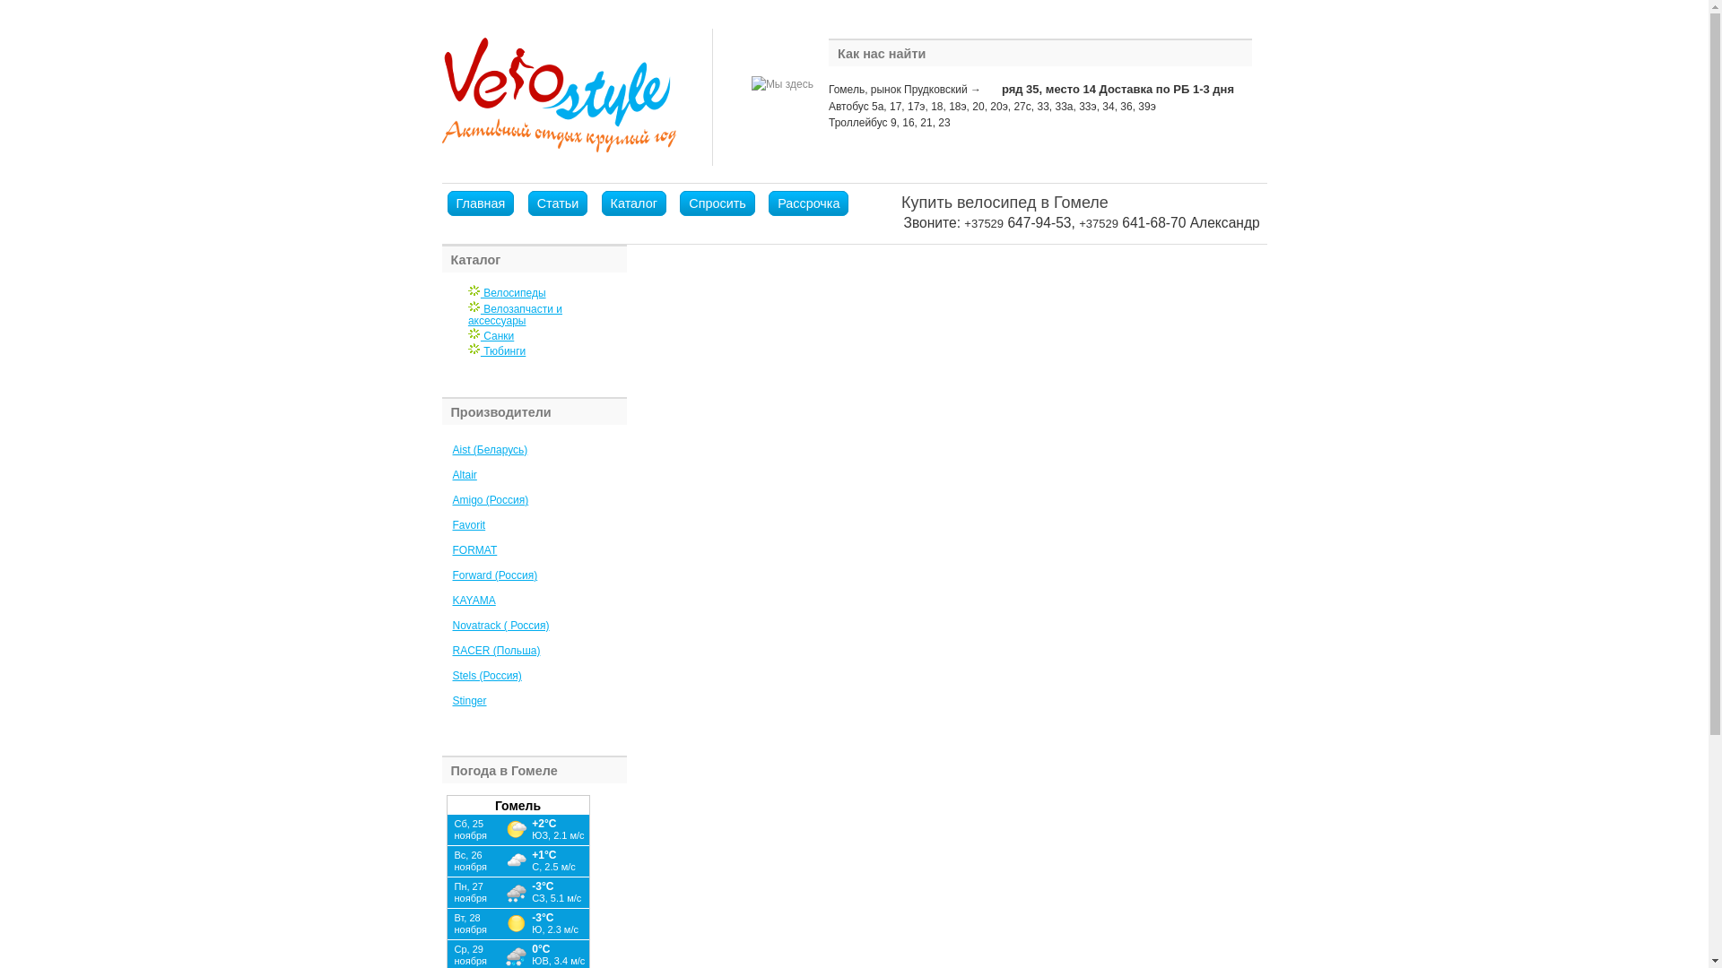  What do you see at coordinates (474, 601) in the screenshot?
I see `'KAYAMA'` at bounding box center [474, 601].